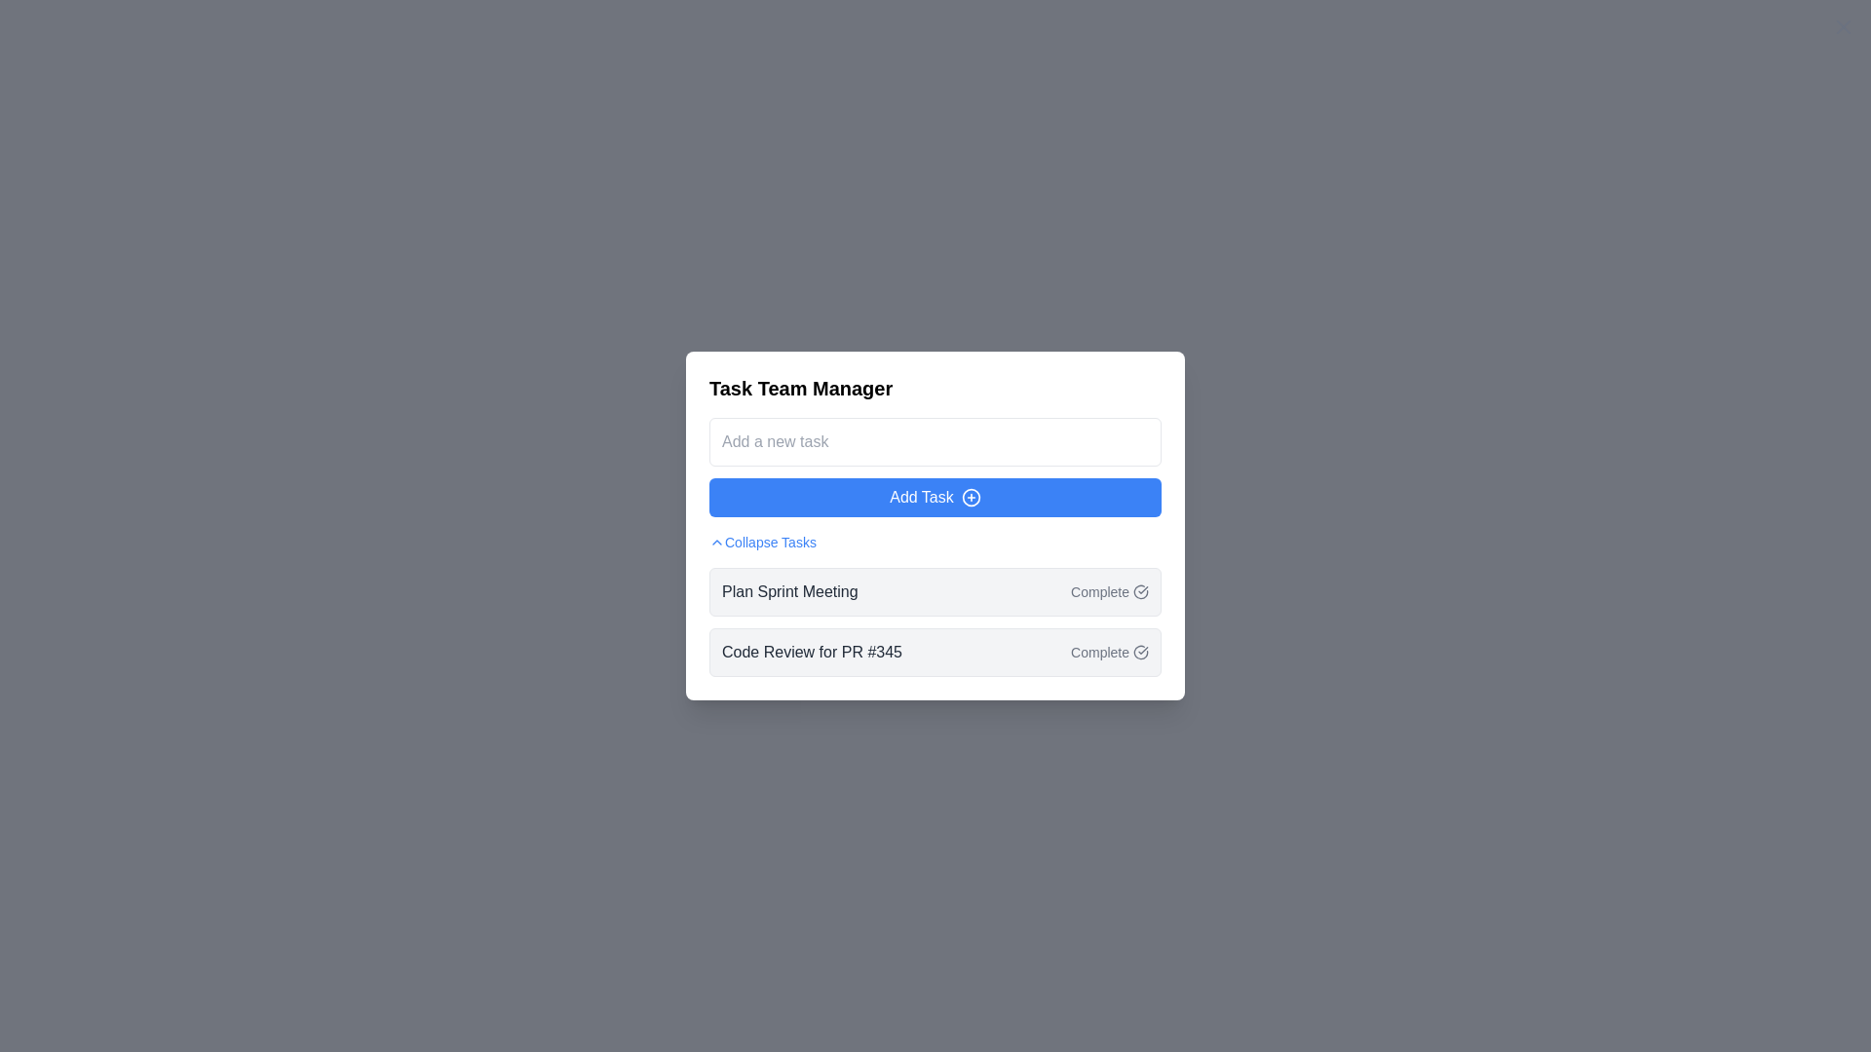  Describe the element at coordinates (761, 542) in the screenshot. I see `the 'Collapse Tasks' text label, which is styled with a small blue font and has a chevron-up icon next to it` at that location.